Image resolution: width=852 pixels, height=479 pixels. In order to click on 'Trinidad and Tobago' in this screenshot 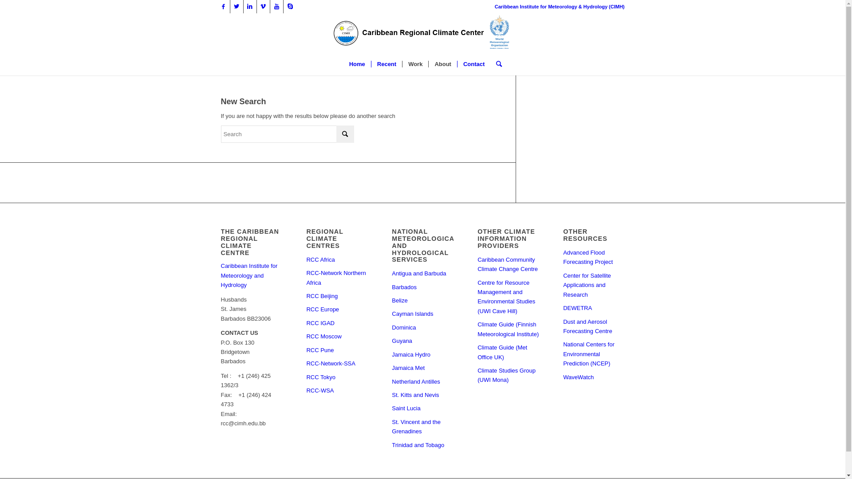, I will do `click(422, 445)`.